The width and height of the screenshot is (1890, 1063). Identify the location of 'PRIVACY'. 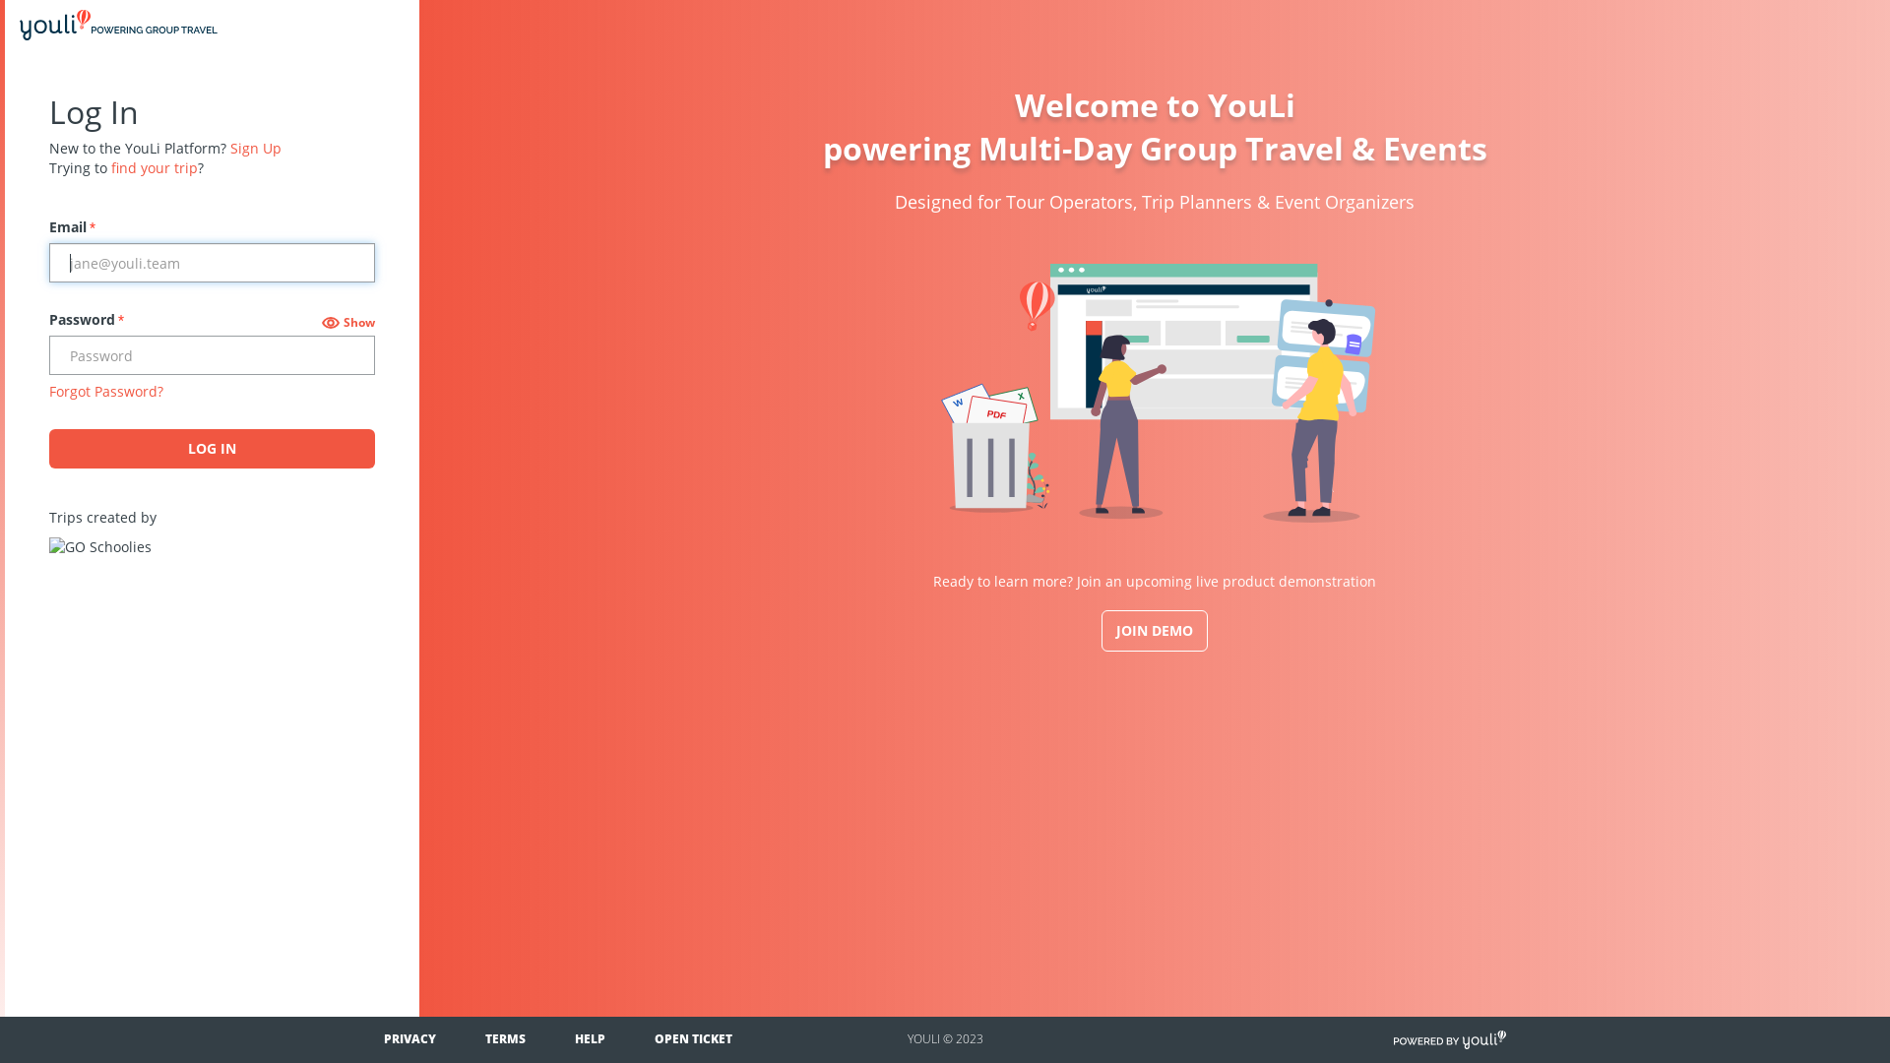
(409, 1037).